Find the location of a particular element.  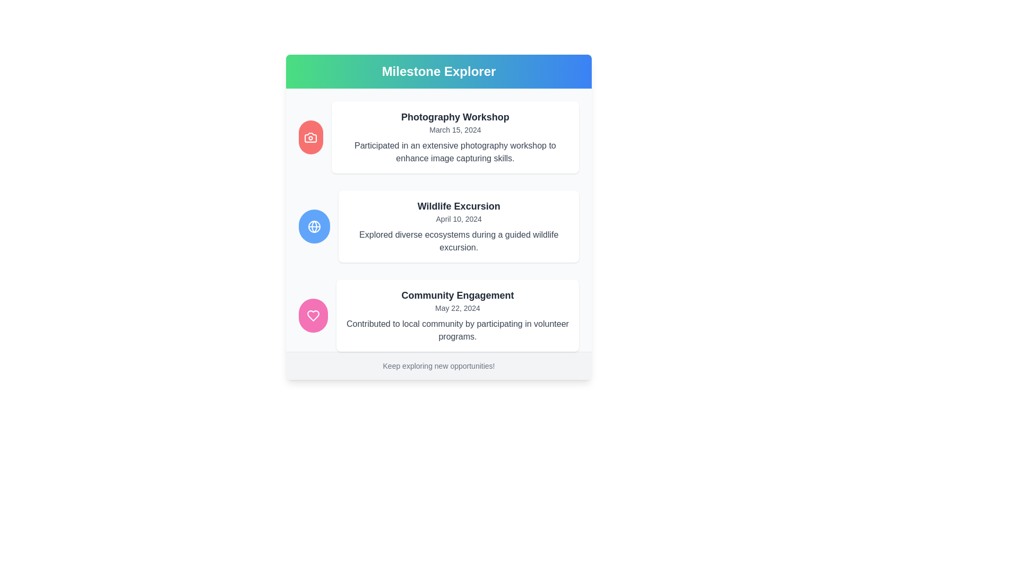

the main heading text label, which is centered horizontally within the colored horizontal bar at the top of the interface is located at coordinates (438, 72).